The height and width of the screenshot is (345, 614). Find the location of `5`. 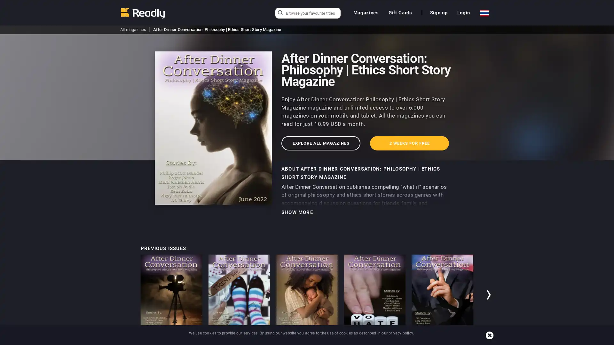

5 is located at coordinates (473, 341).